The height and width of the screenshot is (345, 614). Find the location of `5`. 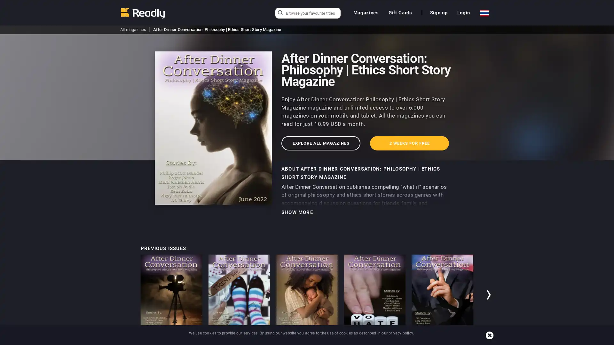

5 is located at coordinates (473, 341).